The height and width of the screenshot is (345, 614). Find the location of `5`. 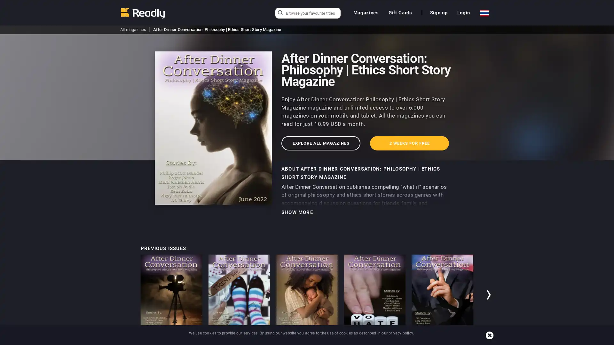

5 is located at coordinates (473, 341).